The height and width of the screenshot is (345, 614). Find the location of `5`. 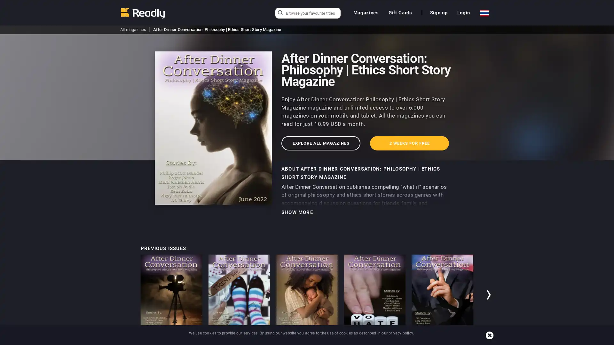

5 is located at coordinates (473, 341).